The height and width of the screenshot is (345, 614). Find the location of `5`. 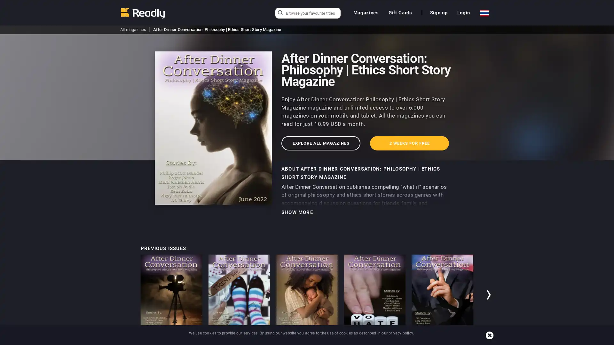

5 is located at coordinates (473, 341).